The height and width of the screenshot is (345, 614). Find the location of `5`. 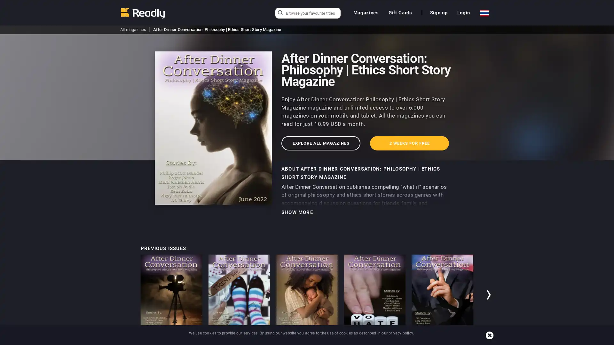

5 is located at coordinates (473, 341).